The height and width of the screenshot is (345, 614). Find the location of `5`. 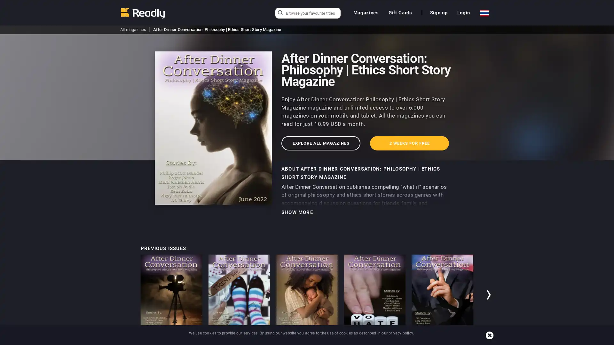

5 is located at coordinates (473, 341).